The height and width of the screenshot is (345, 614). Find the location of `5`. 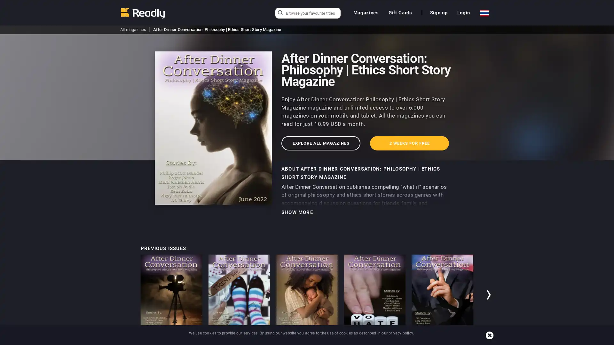

5 is located at coordinates (473, 341).